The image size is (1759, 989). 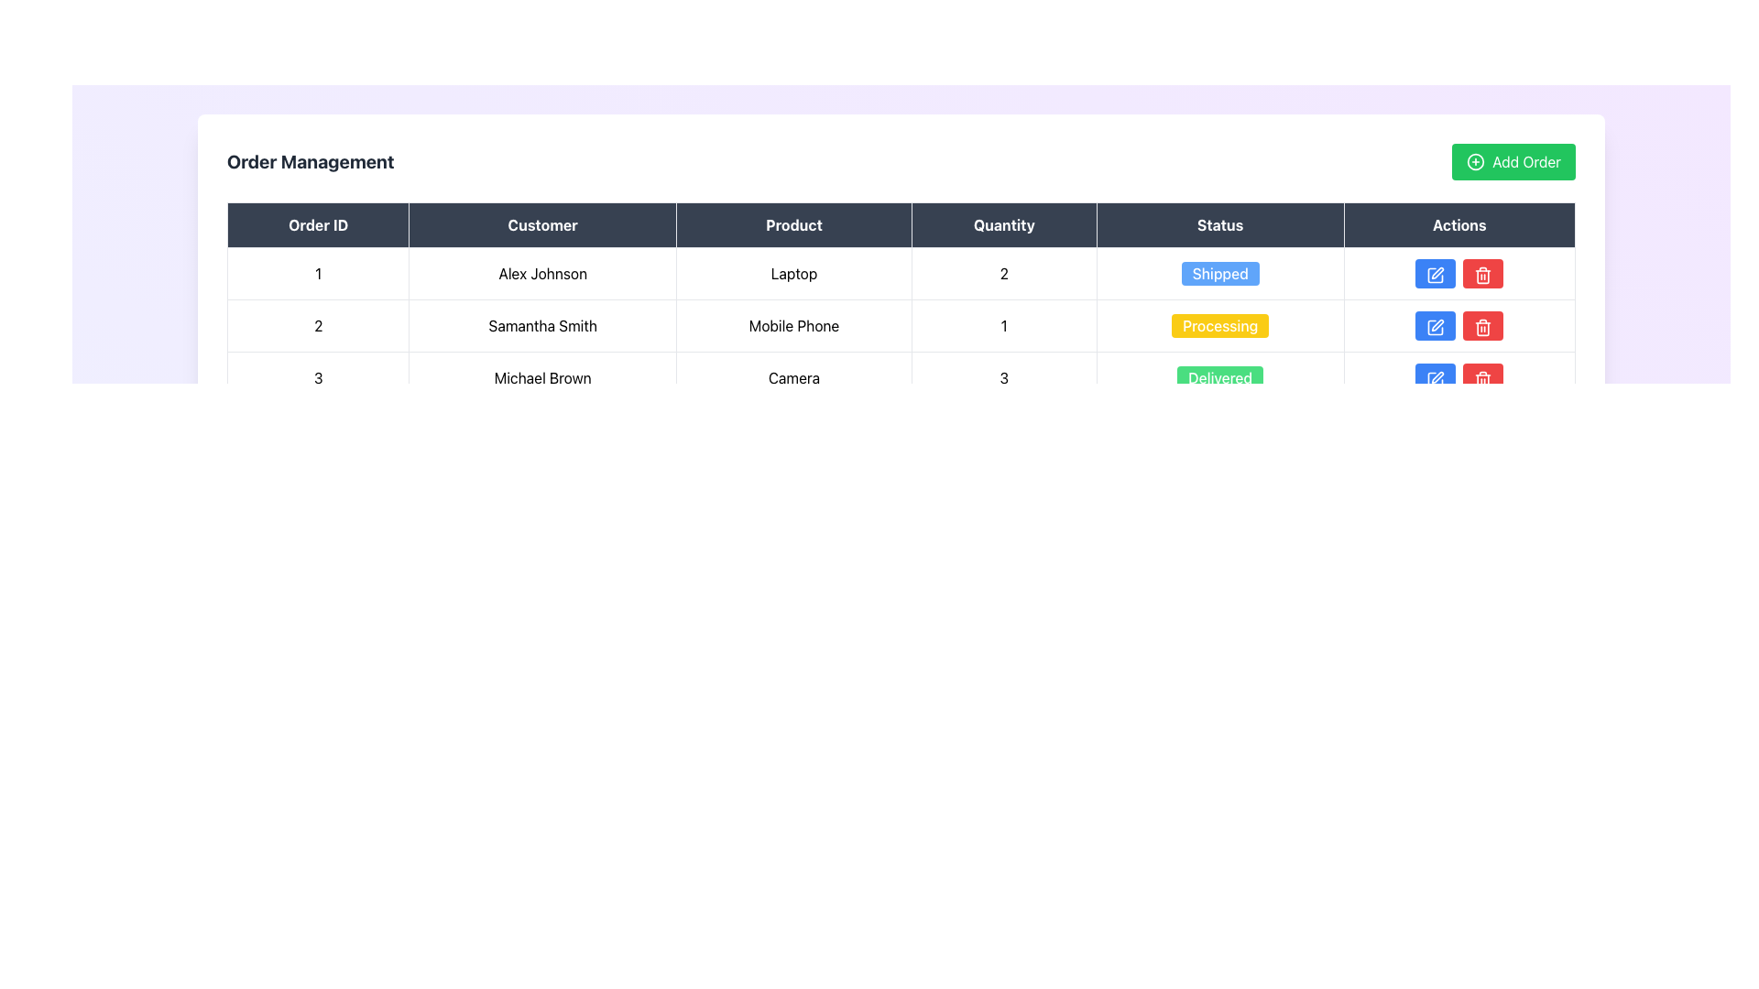 What do you see at coordinates (1483, 324) in the screenshot?
I see `the red rounded button with a white trash icon located in the second row of the Actions column in the table` at bounding box center [1483, 324].